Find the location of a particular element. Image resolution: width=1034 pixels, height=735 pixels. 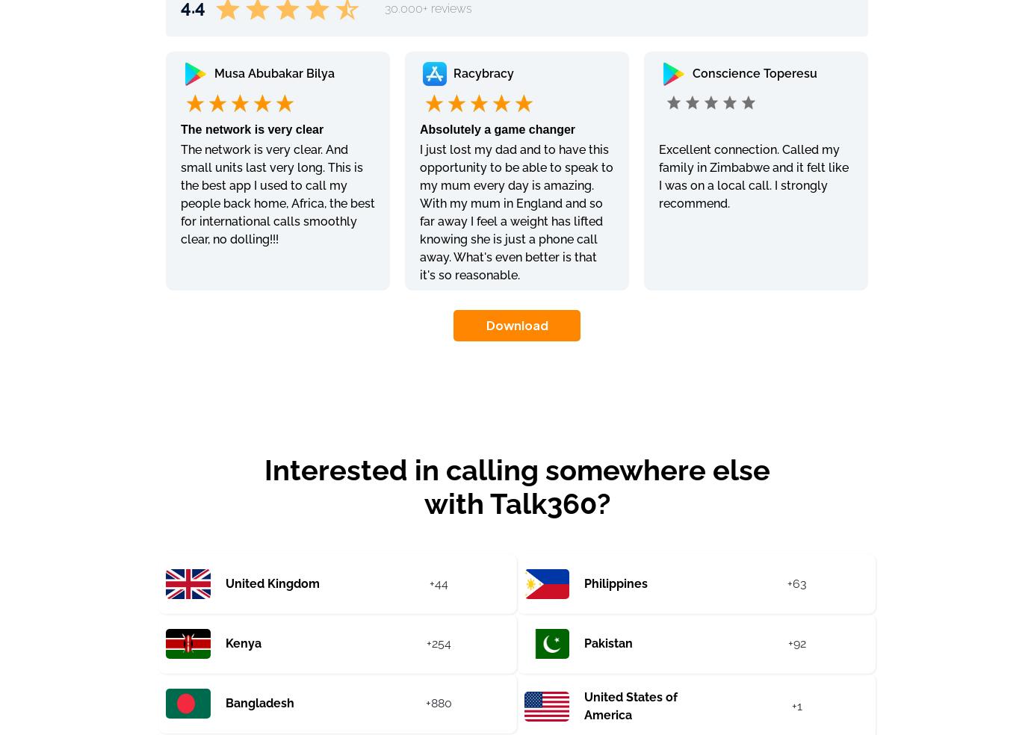

'30.000+ reviews' is located at coordinates (428, 7).